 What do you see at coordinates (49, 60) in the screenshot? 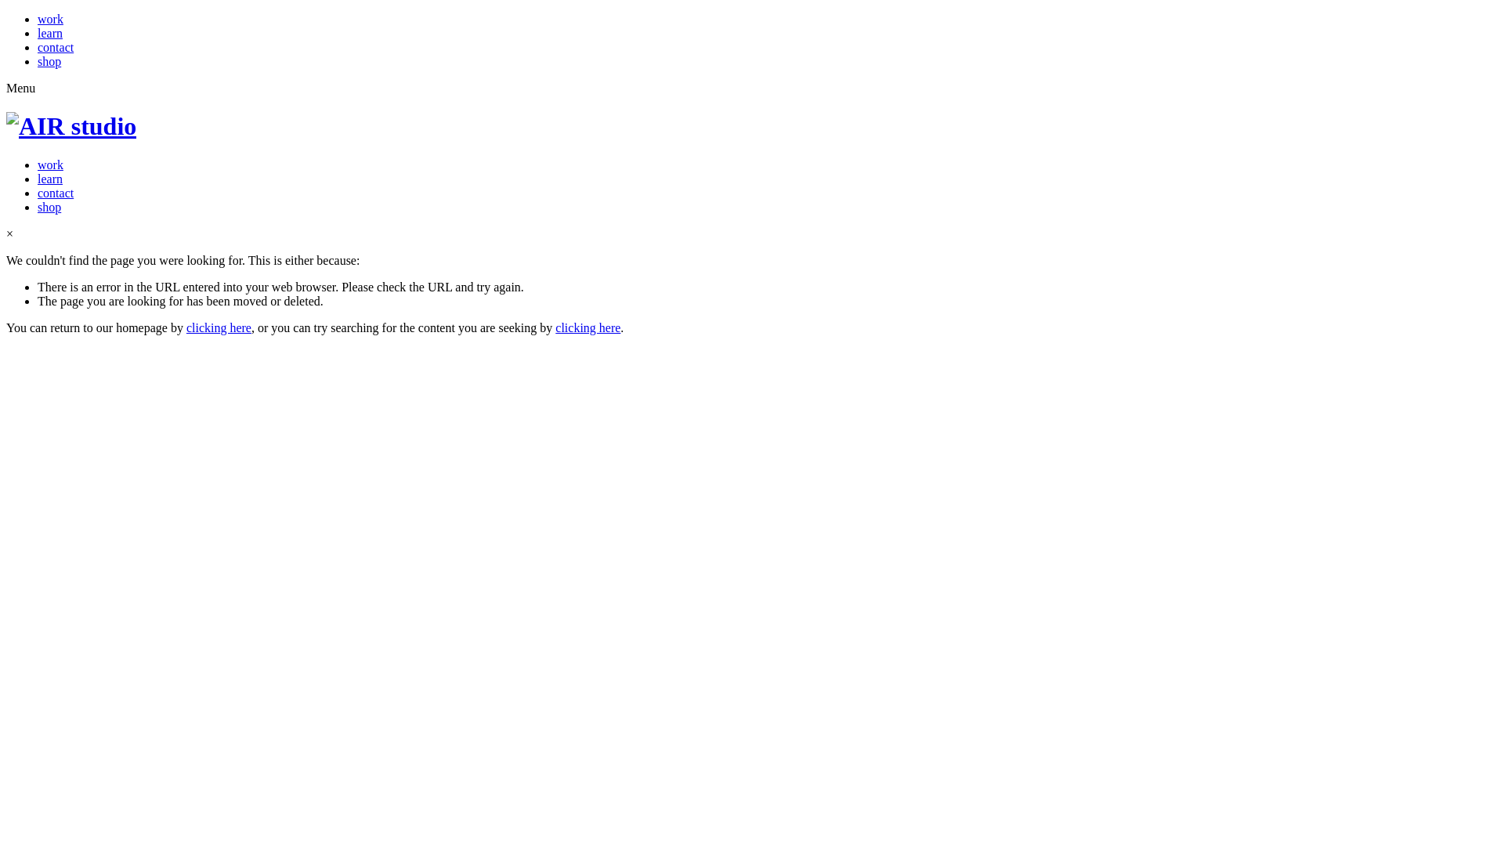
I see `'shop'` at bounding box center [49, 60].